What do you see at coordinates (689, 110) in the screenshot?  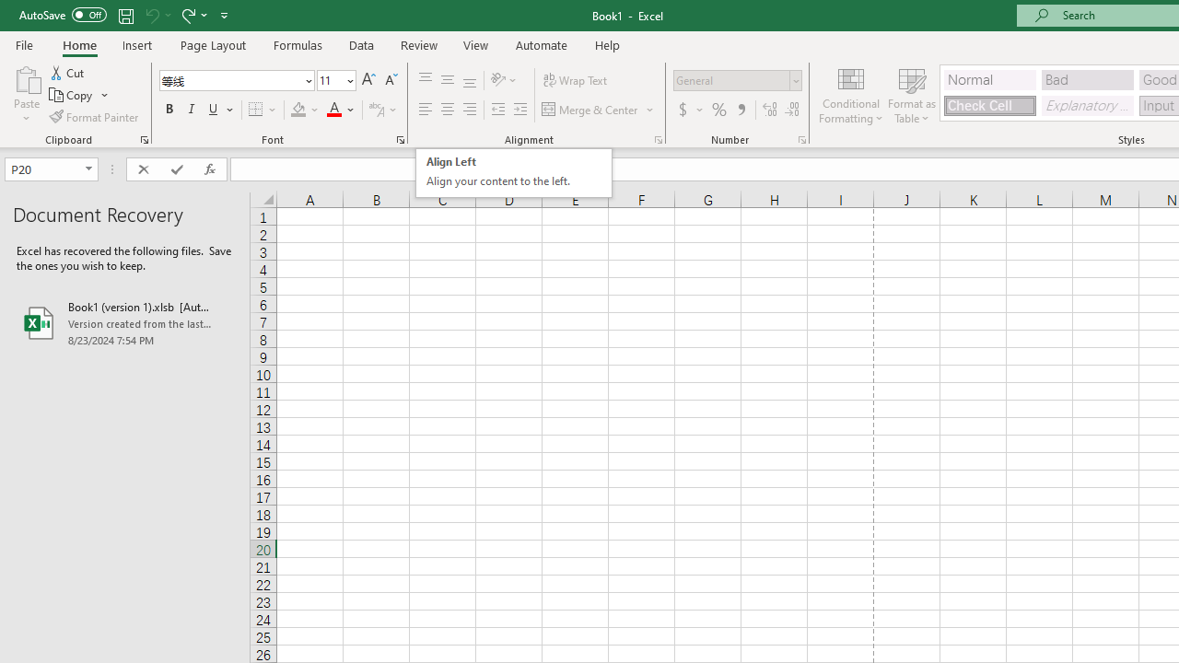 I see `'Accounting Number Format'` at bounding box center [689, 110].